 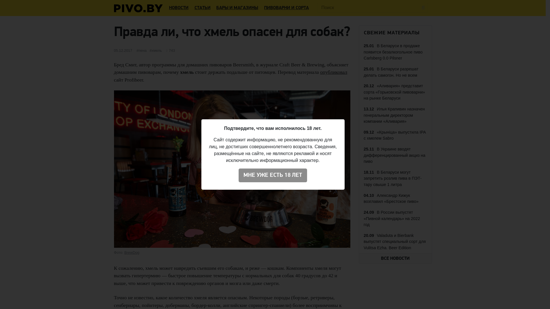 I want to click on 'BrewDog', so click(x=124, y=252).